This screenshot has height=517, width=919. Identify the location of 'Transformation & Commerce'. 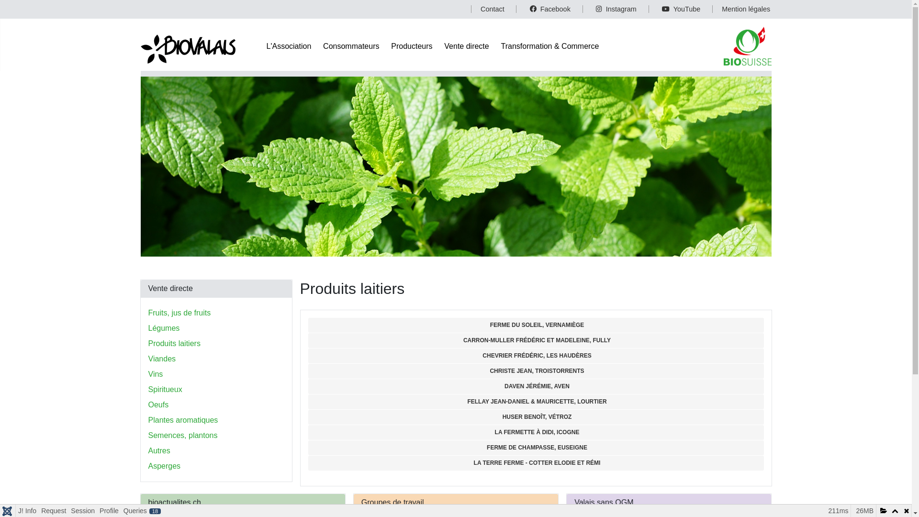
(550, 46).